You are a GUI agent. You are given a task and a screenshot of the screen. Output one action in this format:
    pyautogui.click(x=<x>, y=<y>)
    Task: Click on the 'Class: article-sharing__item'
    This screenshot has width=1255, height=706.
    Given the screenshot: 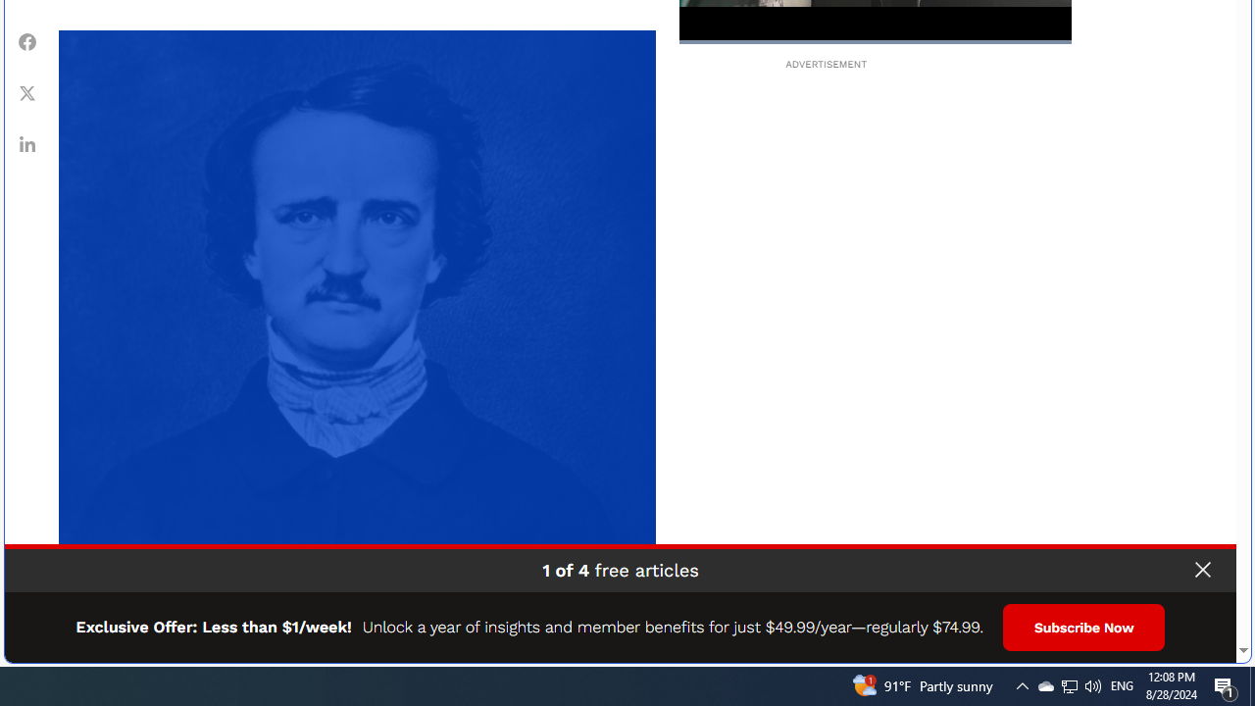 What is the action you would take?
    pyautogui.click(x=27, y=143)
    